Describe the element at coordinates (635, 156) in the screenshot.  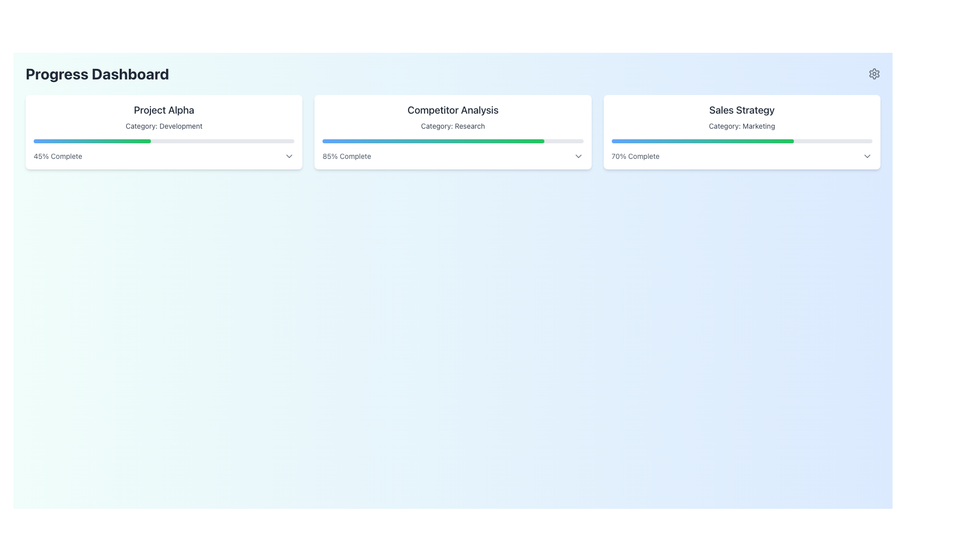
I see `the static text indicating the progress of the task, which shows a 70% completion status, located within the 'Sales Strategy' card below the progress bar` at that location.